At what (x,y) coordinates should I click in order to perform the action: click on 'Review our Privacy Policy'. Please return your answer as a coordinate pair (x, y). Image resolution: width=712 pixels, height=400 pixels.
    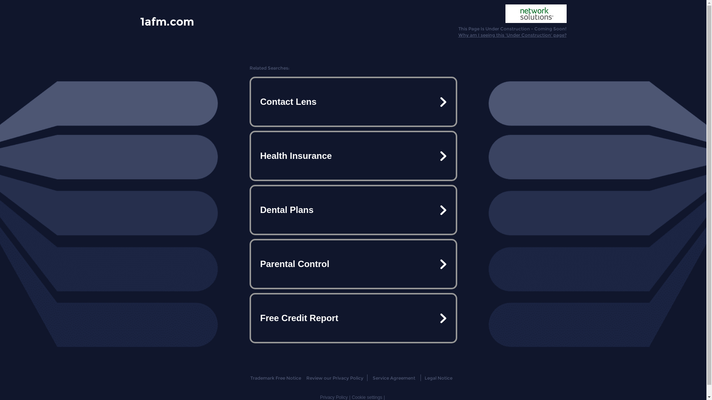
    Looking at the image, I should click on (334, 378).